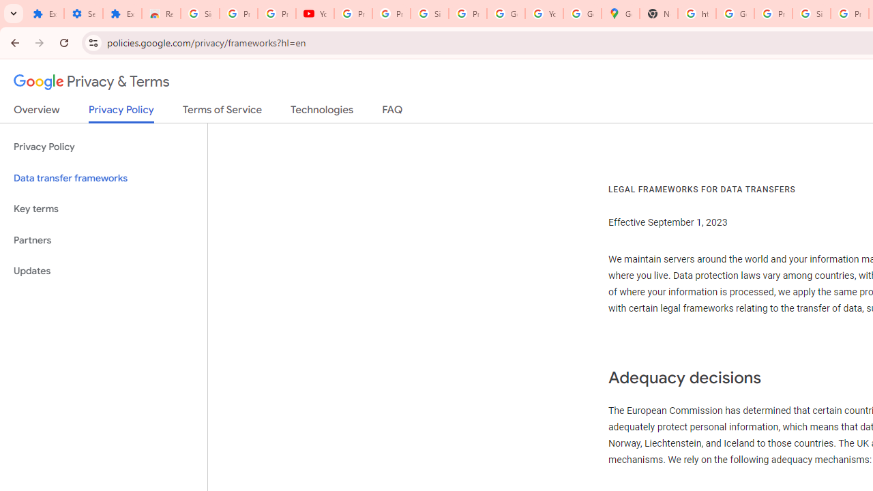 The width and height of the screenshot is (873, 491). I want to click on 'New Tab', so click(659, 14).